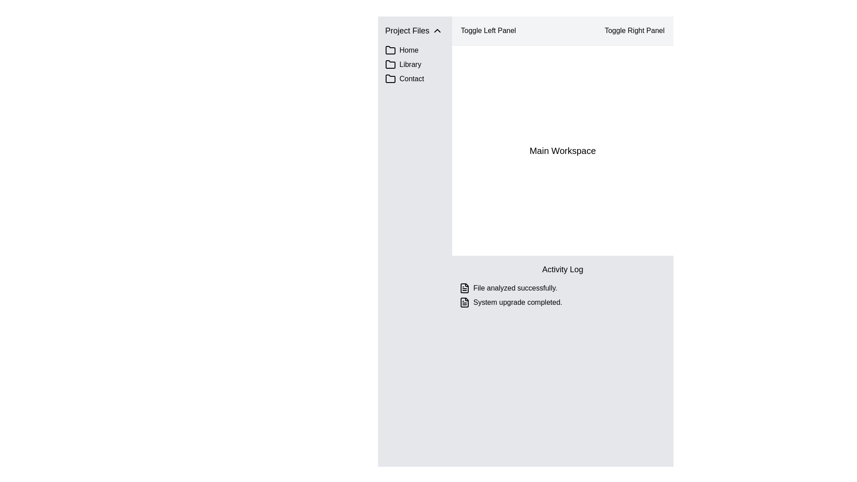 The width and height of the screenshot is (857, 482). What do you see at coordinates (562, 150) in the screenshot?
I see `on the central workspace section located below the header containing 'Toggle Left Panel' and 'Toggle Right Panel', and above the 'Activity Log' section` at bounding box center [562, 150].